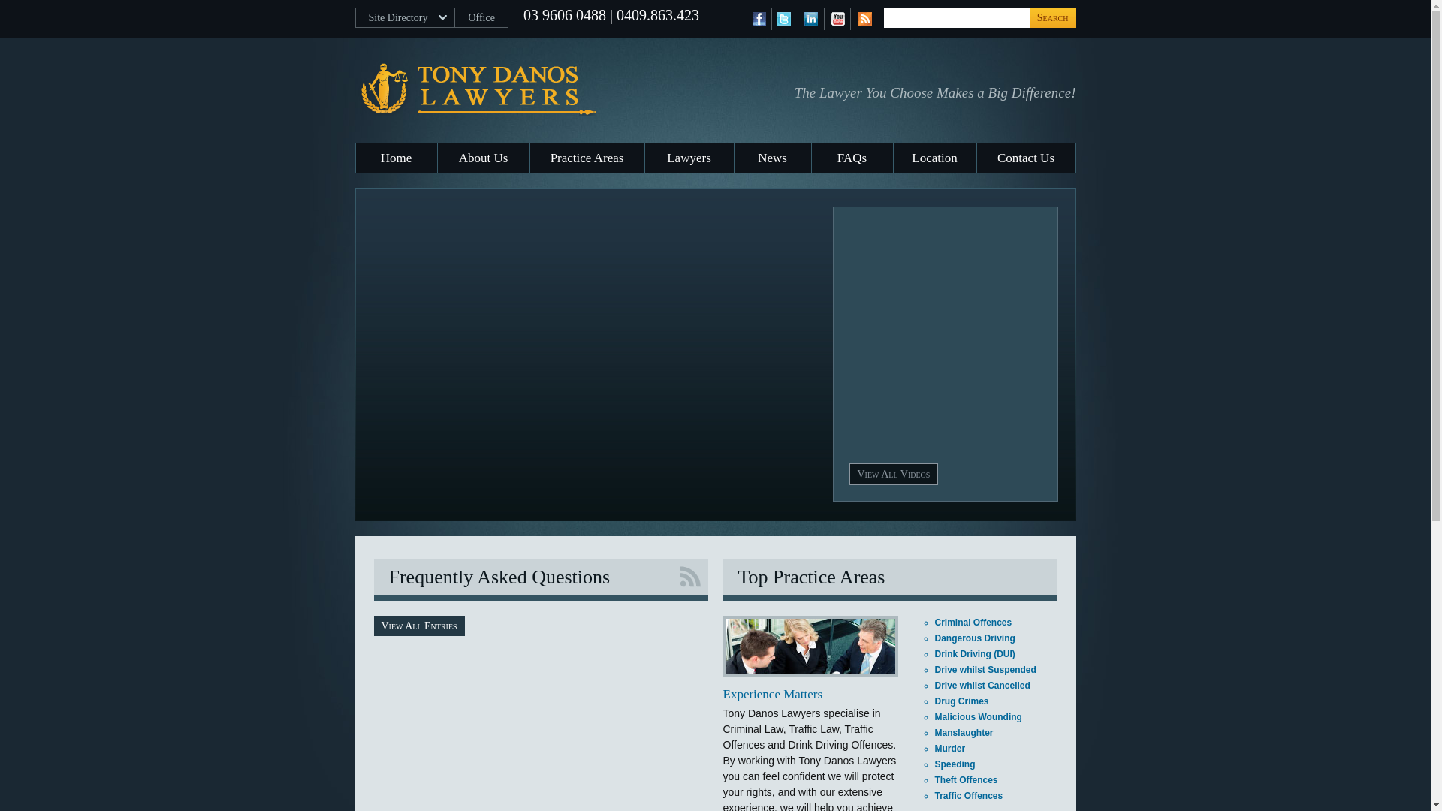 The image size is (1442, 811). I want to click on 'Malicious Wounding', so click(977, 716).